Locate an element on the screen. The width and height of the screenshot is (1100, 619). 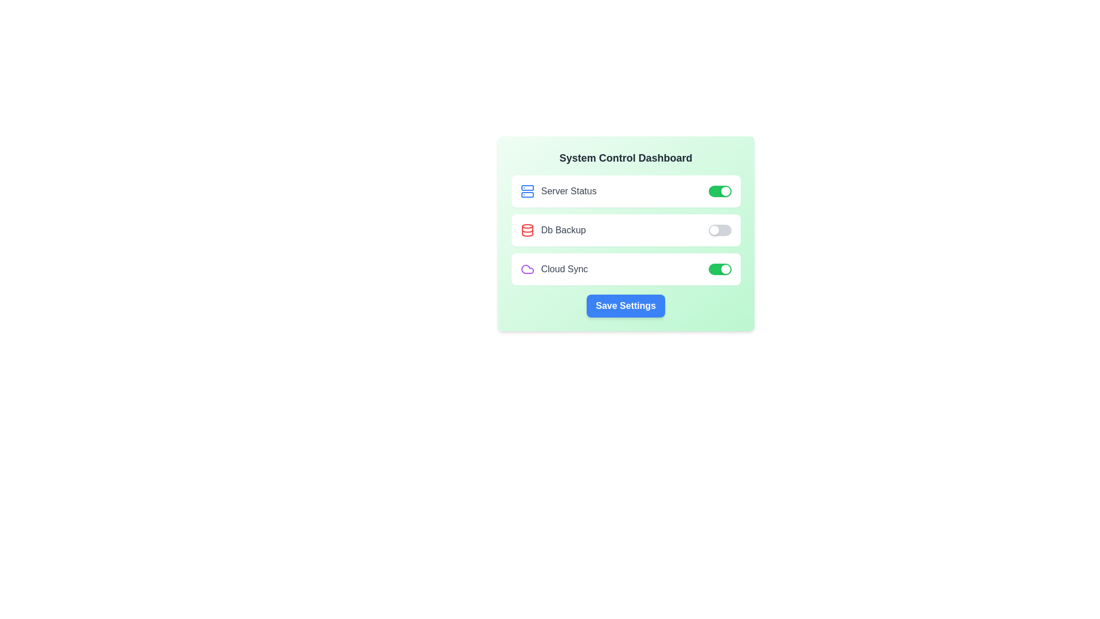
the icon corresponding to Server Status is located at coordinates (527, 191).